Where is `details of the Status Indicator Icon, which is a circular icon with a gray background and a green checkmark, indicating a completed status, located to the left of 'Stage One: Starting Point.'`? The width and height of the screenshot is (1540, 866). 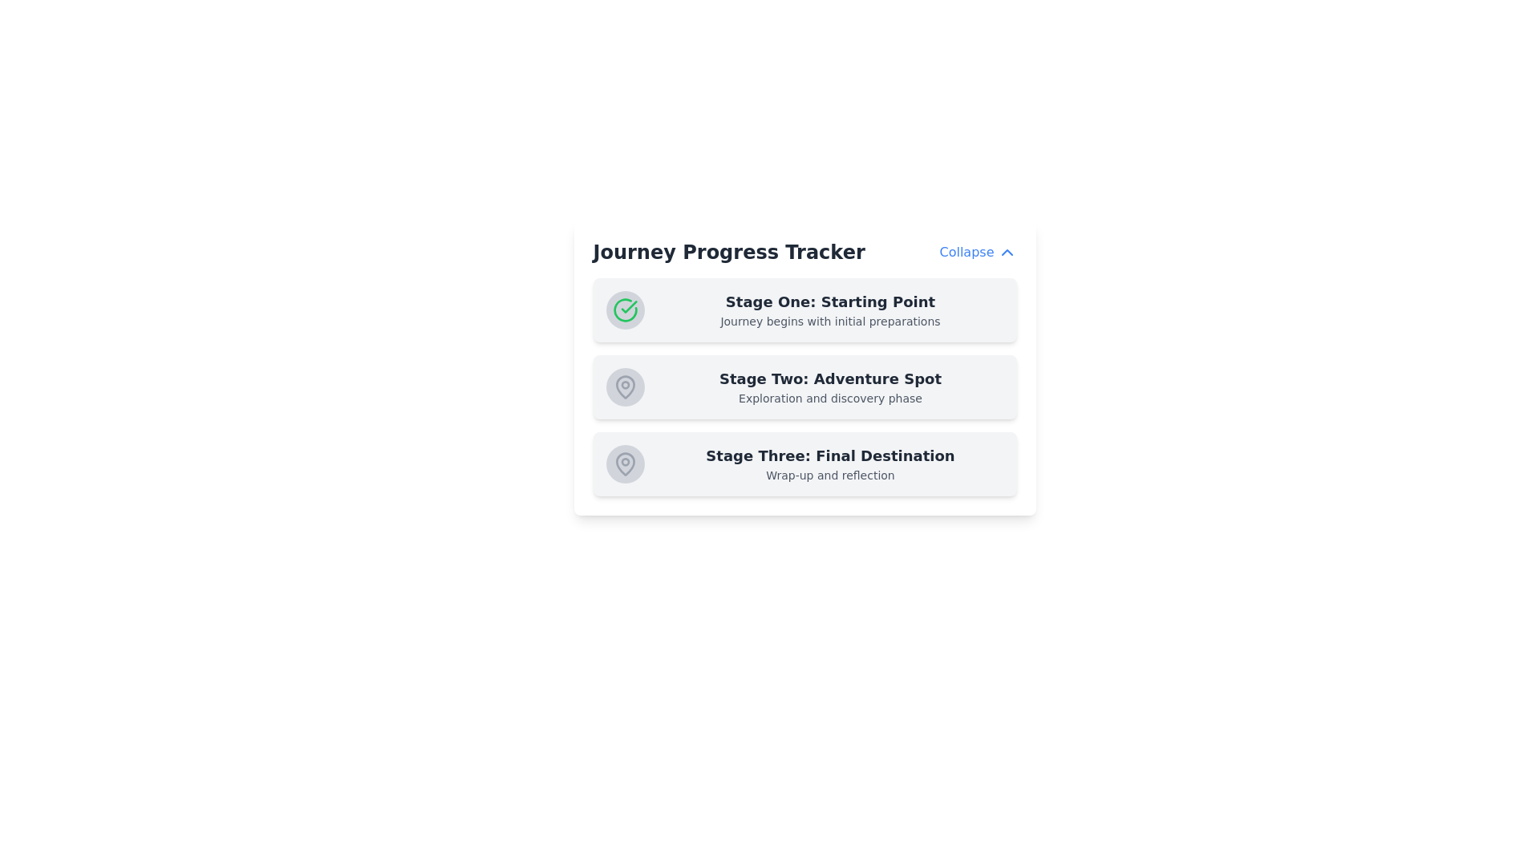 details of the Status Indicator Icon, which is a circular icon with a gray background and a green checkmark, indicating a completed status, located to the left of 'Stage One: Starting Point.' is located at coordinates (624, 310).